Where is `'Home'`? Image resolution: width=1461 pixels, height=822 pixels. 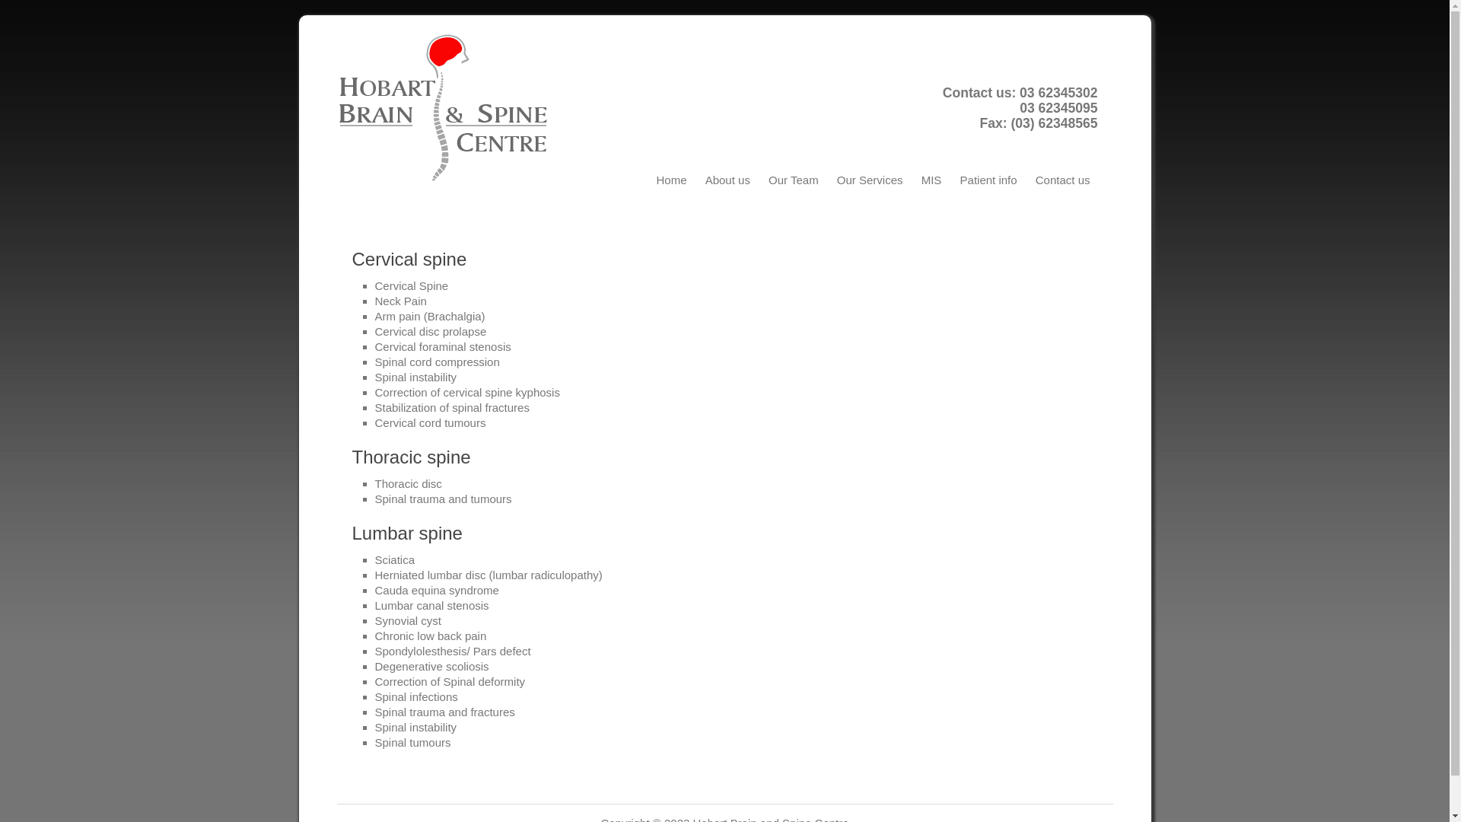
'Home' is located at coordinates (670, 179).